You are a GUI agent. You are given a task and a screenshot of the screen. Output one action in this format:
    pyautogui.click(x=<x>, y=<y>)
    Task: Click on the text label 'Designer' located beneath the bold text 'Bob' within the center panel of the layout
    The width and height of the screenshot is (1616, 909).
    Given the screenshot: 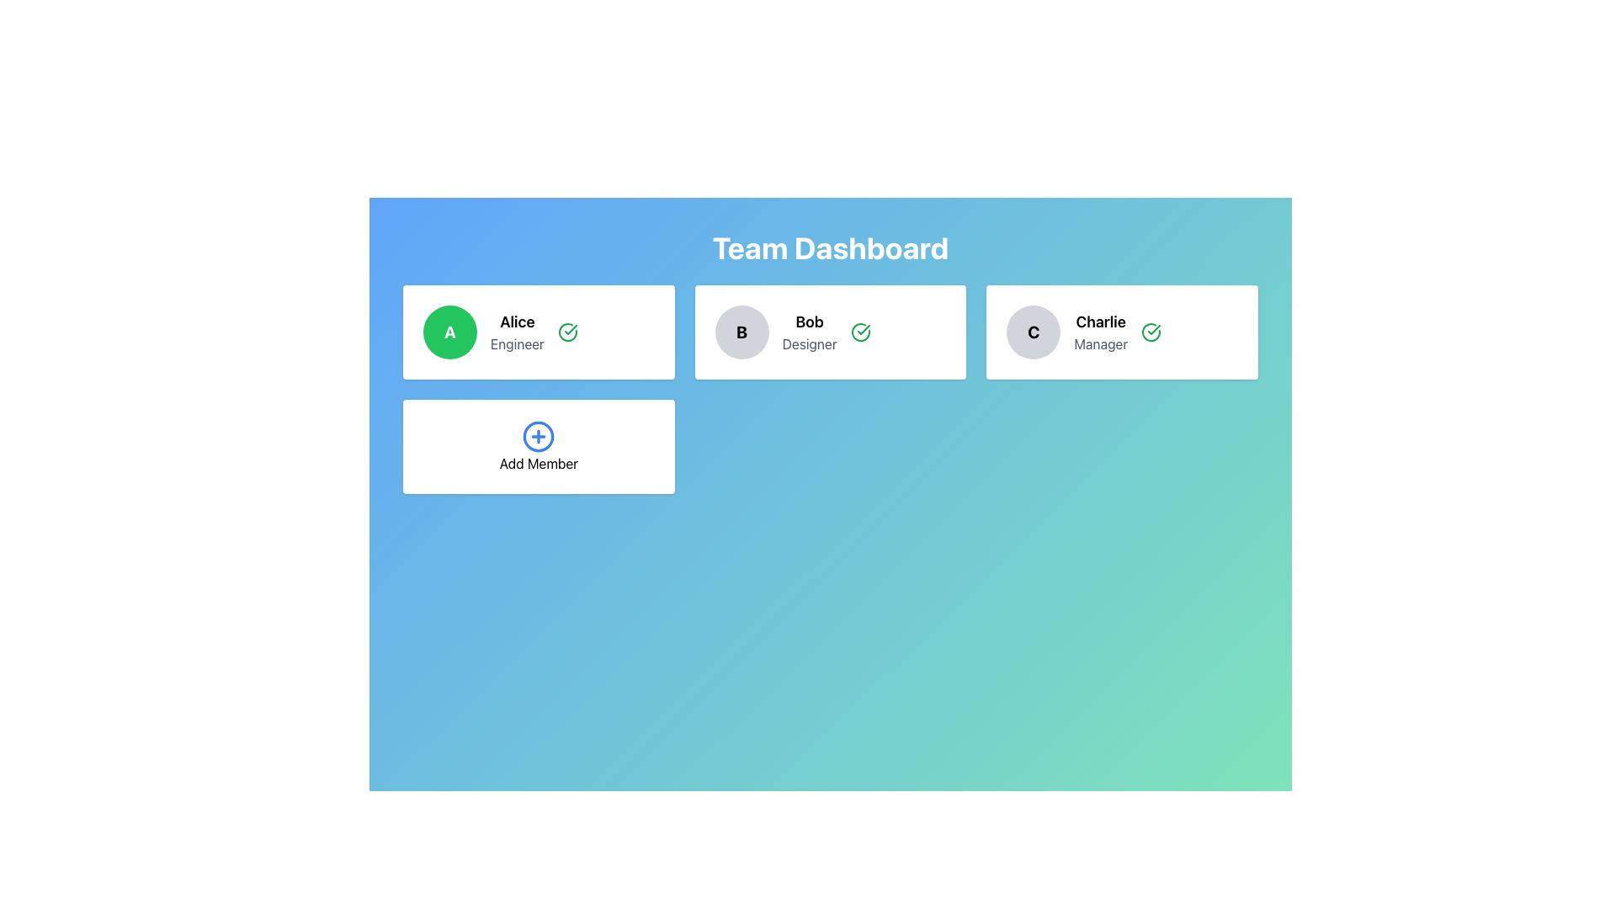 What is the action you would take?
    pyautogui.click(x=810, y=343)
    